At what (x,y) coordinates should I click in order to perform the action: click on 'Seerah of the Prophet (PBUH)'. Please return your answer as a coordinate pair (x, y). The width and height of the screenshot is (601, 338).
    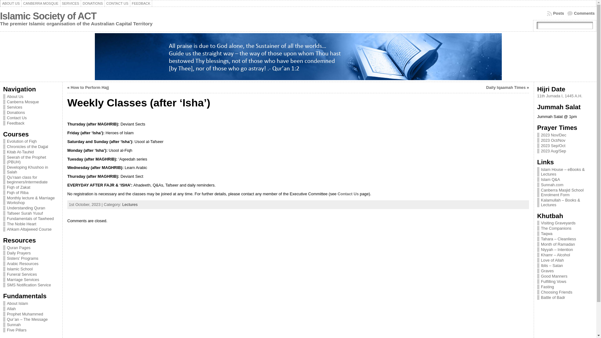
    Looking at the image, I should click on (31, 159).